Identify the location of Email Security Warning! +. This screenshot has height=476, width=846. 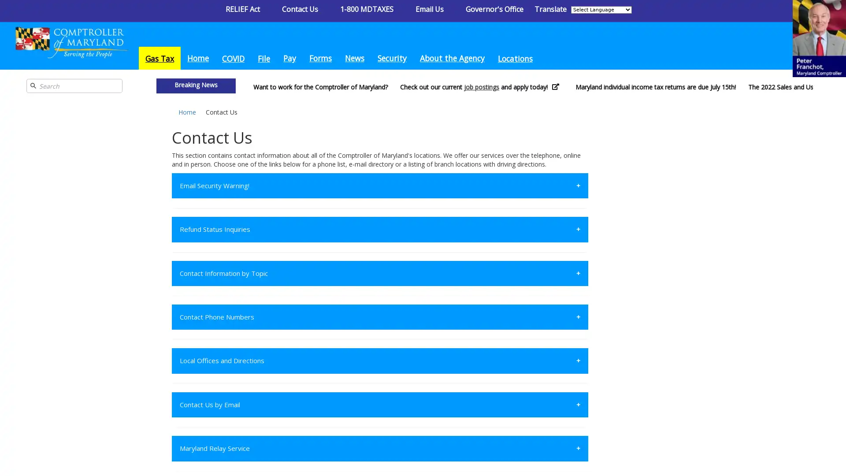
(380, 185).